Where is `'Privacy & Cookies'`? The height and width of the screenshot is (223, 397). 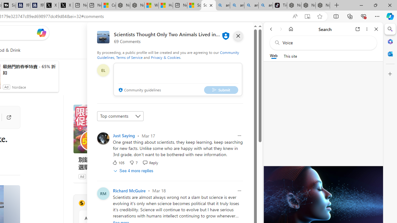
'Privacy & Cookies' is located at coordinates (166, 57).